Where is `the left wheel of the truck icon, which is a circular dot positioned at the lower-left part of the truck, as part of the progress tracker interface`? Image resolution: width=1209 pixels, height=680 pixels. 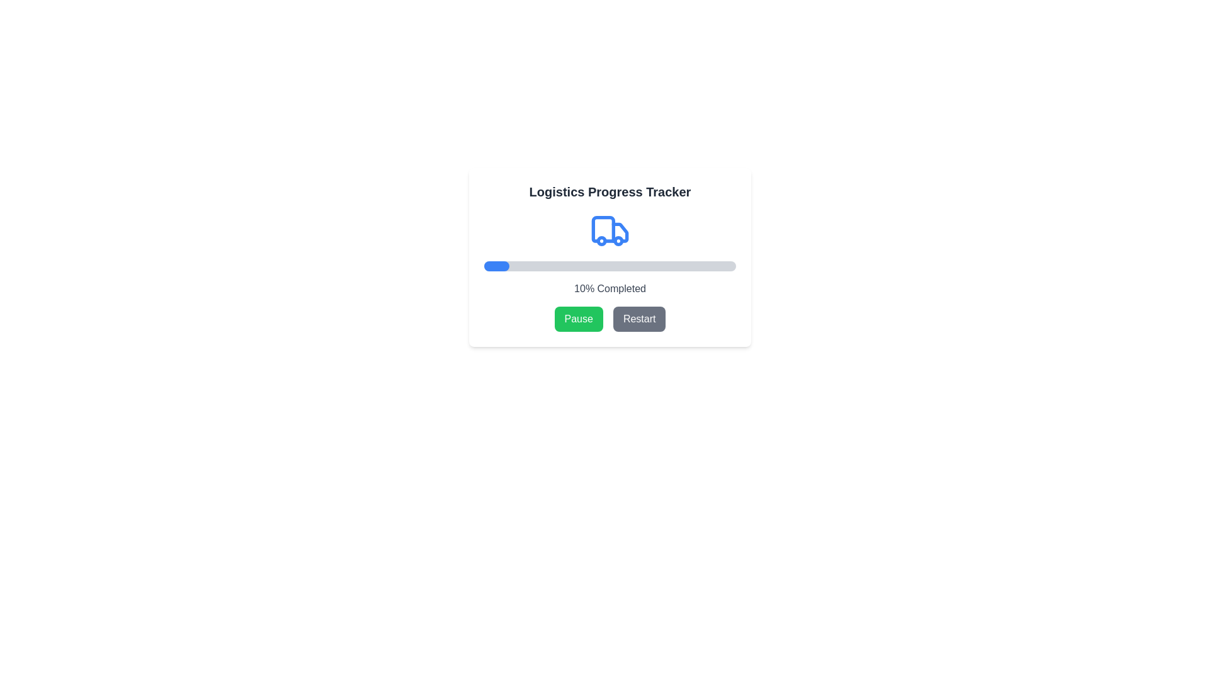
the left wheel of the truck icon, which is a circular dot positioned at the lower-left part of the truck, as part of the progress tracker interface is located at coordinates (601, 241).